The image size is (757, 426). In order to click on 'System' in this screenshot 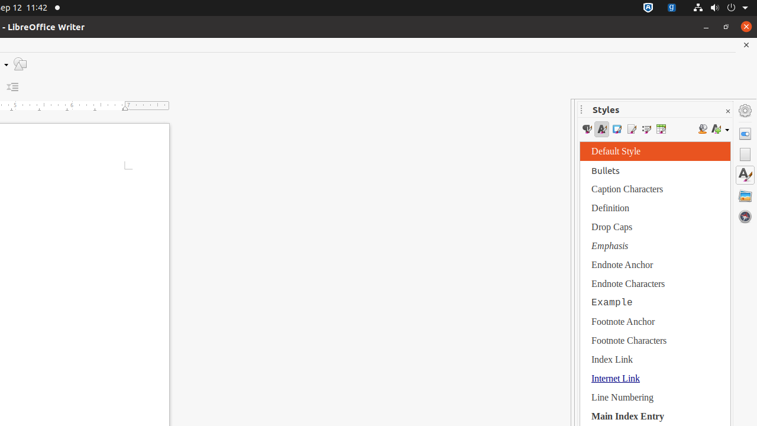, I will do `click(720, 8)`.